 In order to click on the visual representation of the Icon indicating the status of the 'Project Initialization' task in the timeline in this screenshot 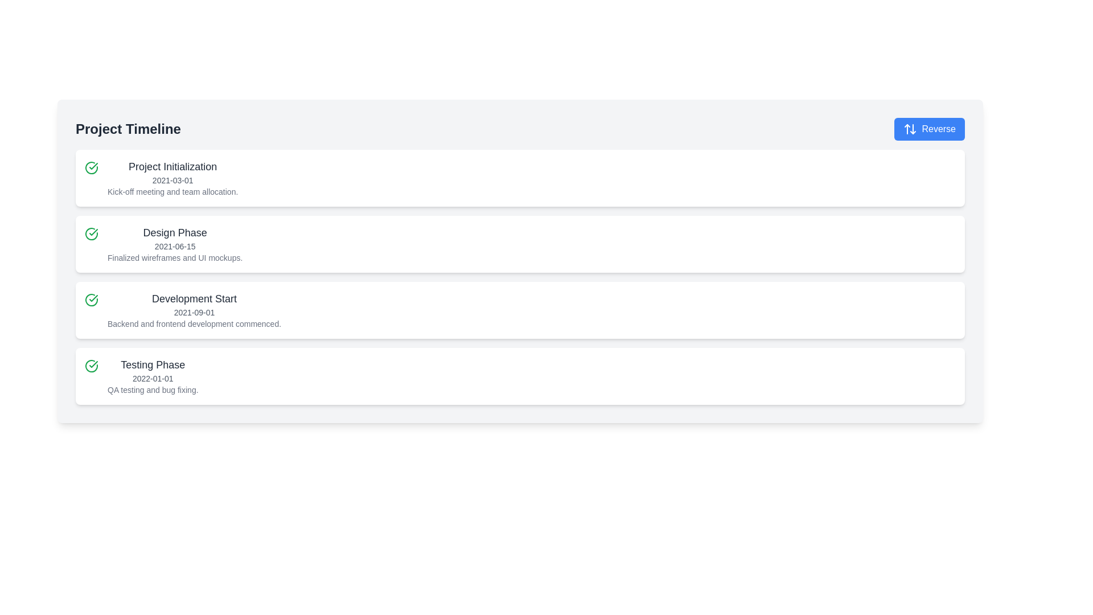, I will do `click(92, 167)`.